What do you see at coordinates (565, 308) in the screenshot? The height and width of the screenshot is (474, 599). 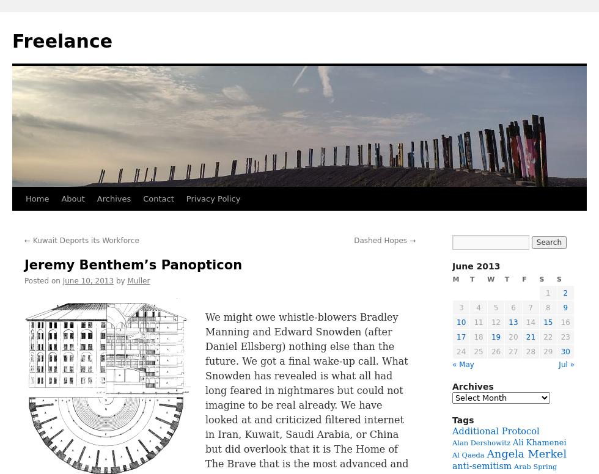 I see `'9'` at bounding box center [565, 308].